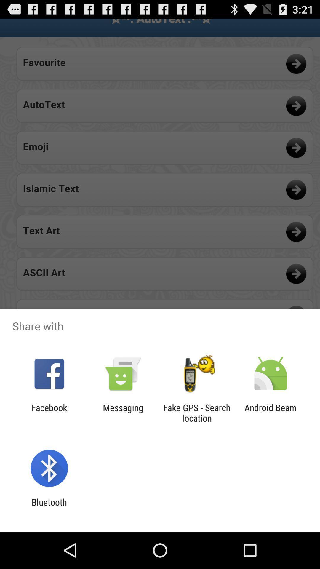 This screenshot has width=320, height=569. Describe the element at coordinates (271, 413) in the screenshot. I see `the app to the right of the fake gps search icon` at that location.